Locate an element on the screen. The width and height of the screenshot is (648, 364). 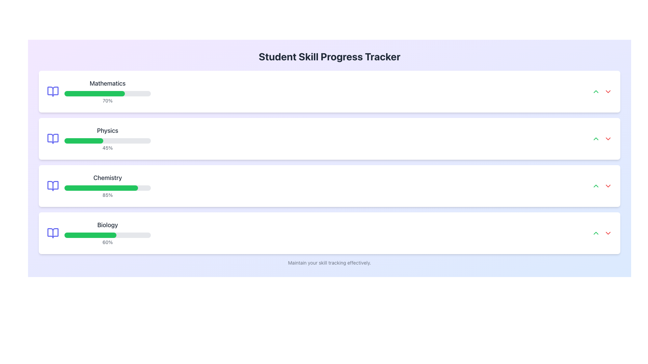
the title text of the third skill category in the progress tracking interface, which is positioned directly above the '85%' progress bar is located at coordinates (107, 178).